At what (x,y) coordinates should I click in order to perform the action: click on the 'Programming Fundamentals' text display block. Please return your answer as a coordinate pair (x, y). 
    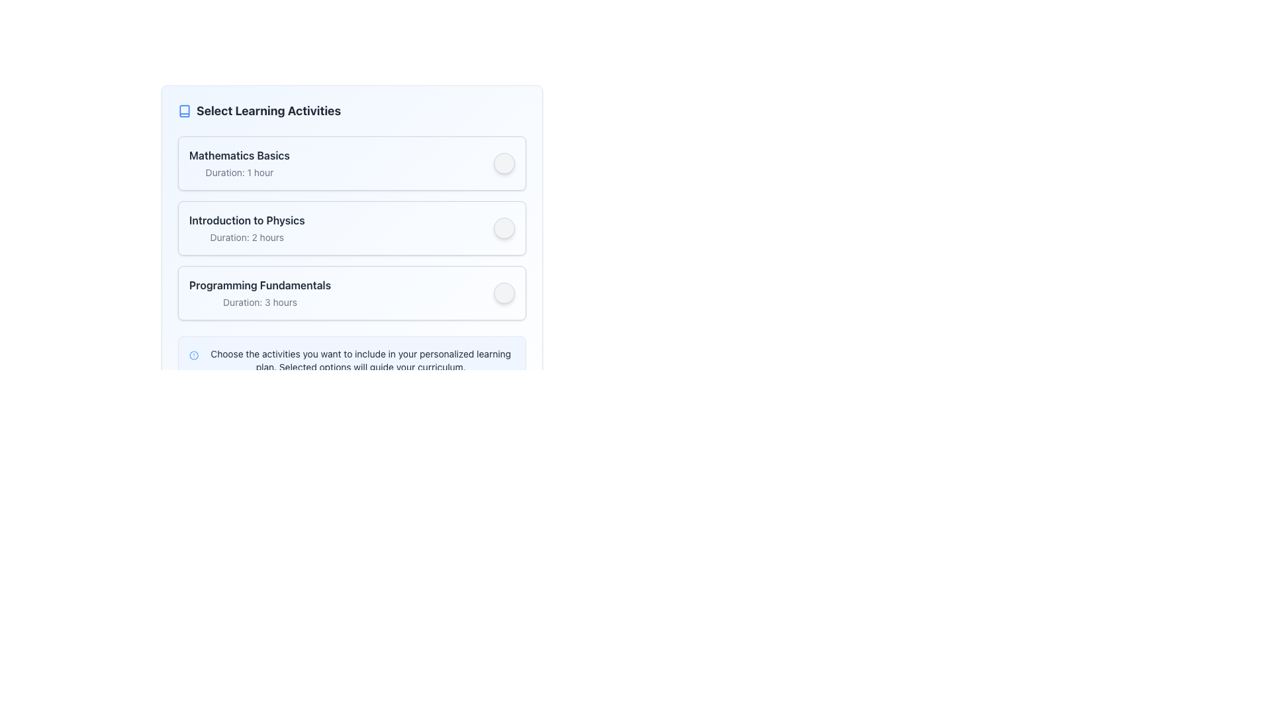
    Looking at the image, I should click on (260, 293).